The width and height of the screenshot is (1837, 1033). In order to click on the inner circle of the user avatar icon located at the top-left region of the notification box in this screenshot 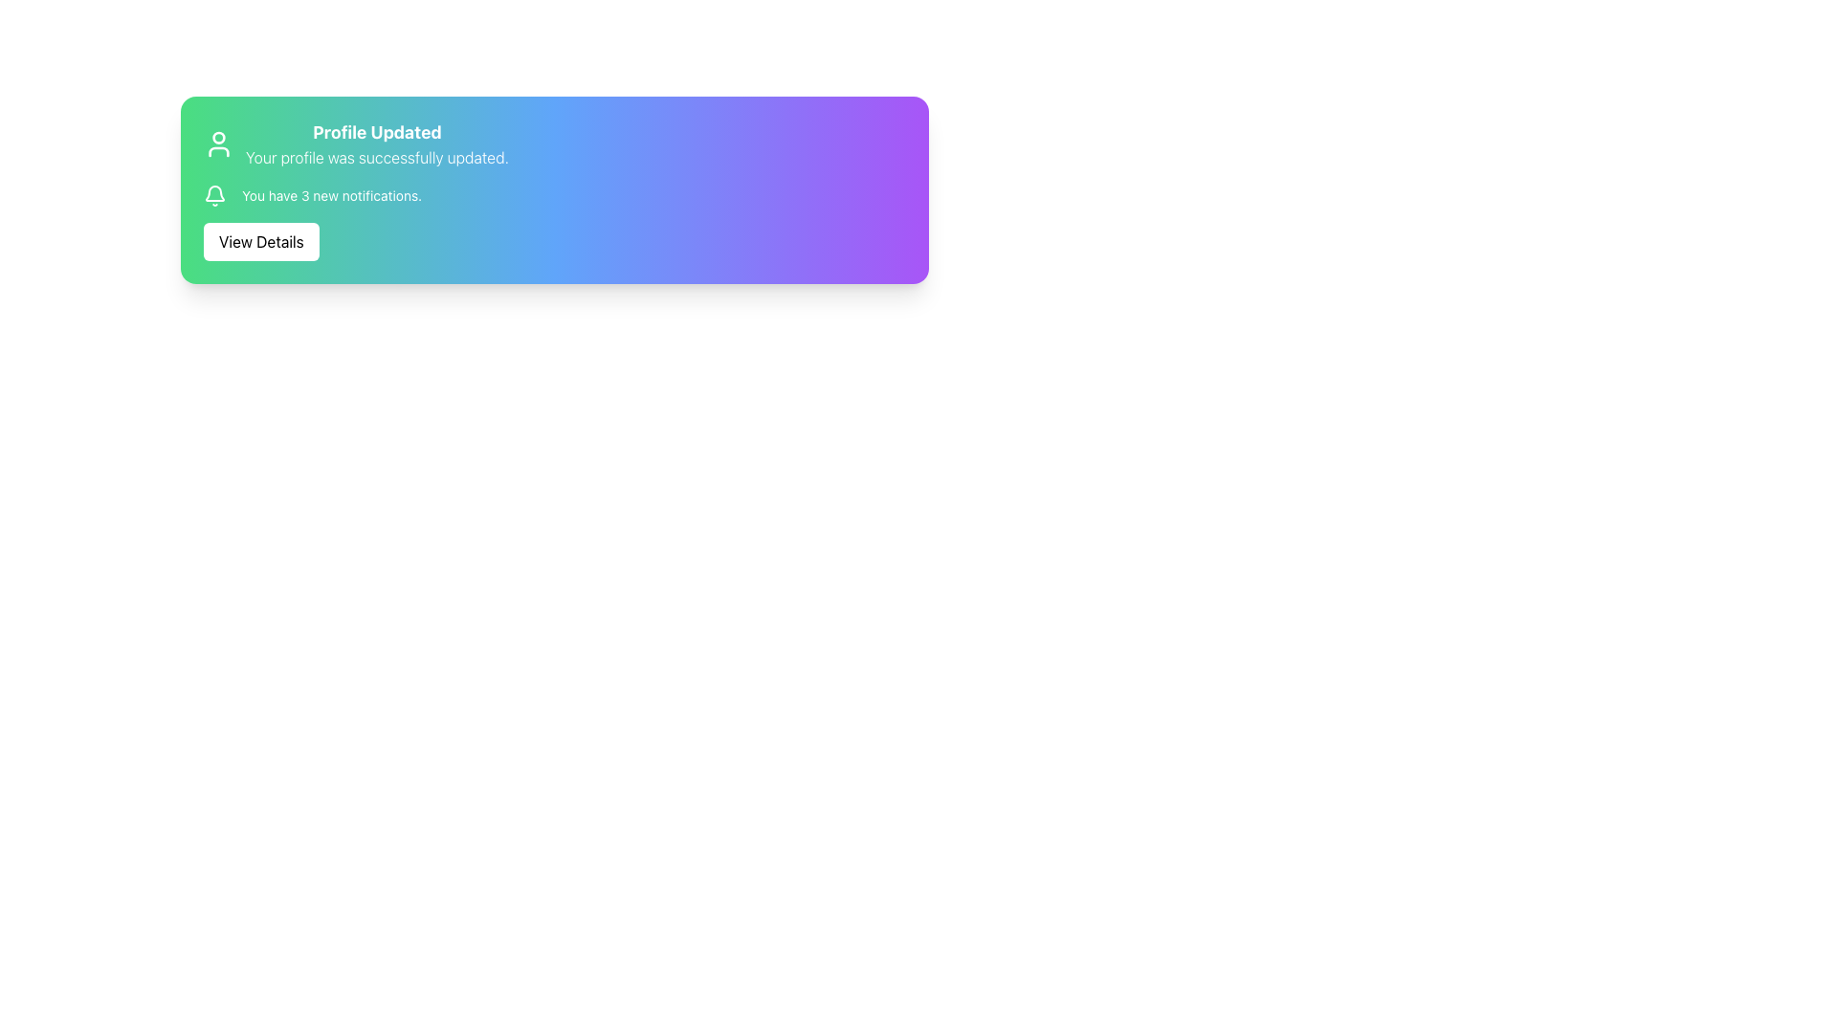, I will do `click(219, 136)`.